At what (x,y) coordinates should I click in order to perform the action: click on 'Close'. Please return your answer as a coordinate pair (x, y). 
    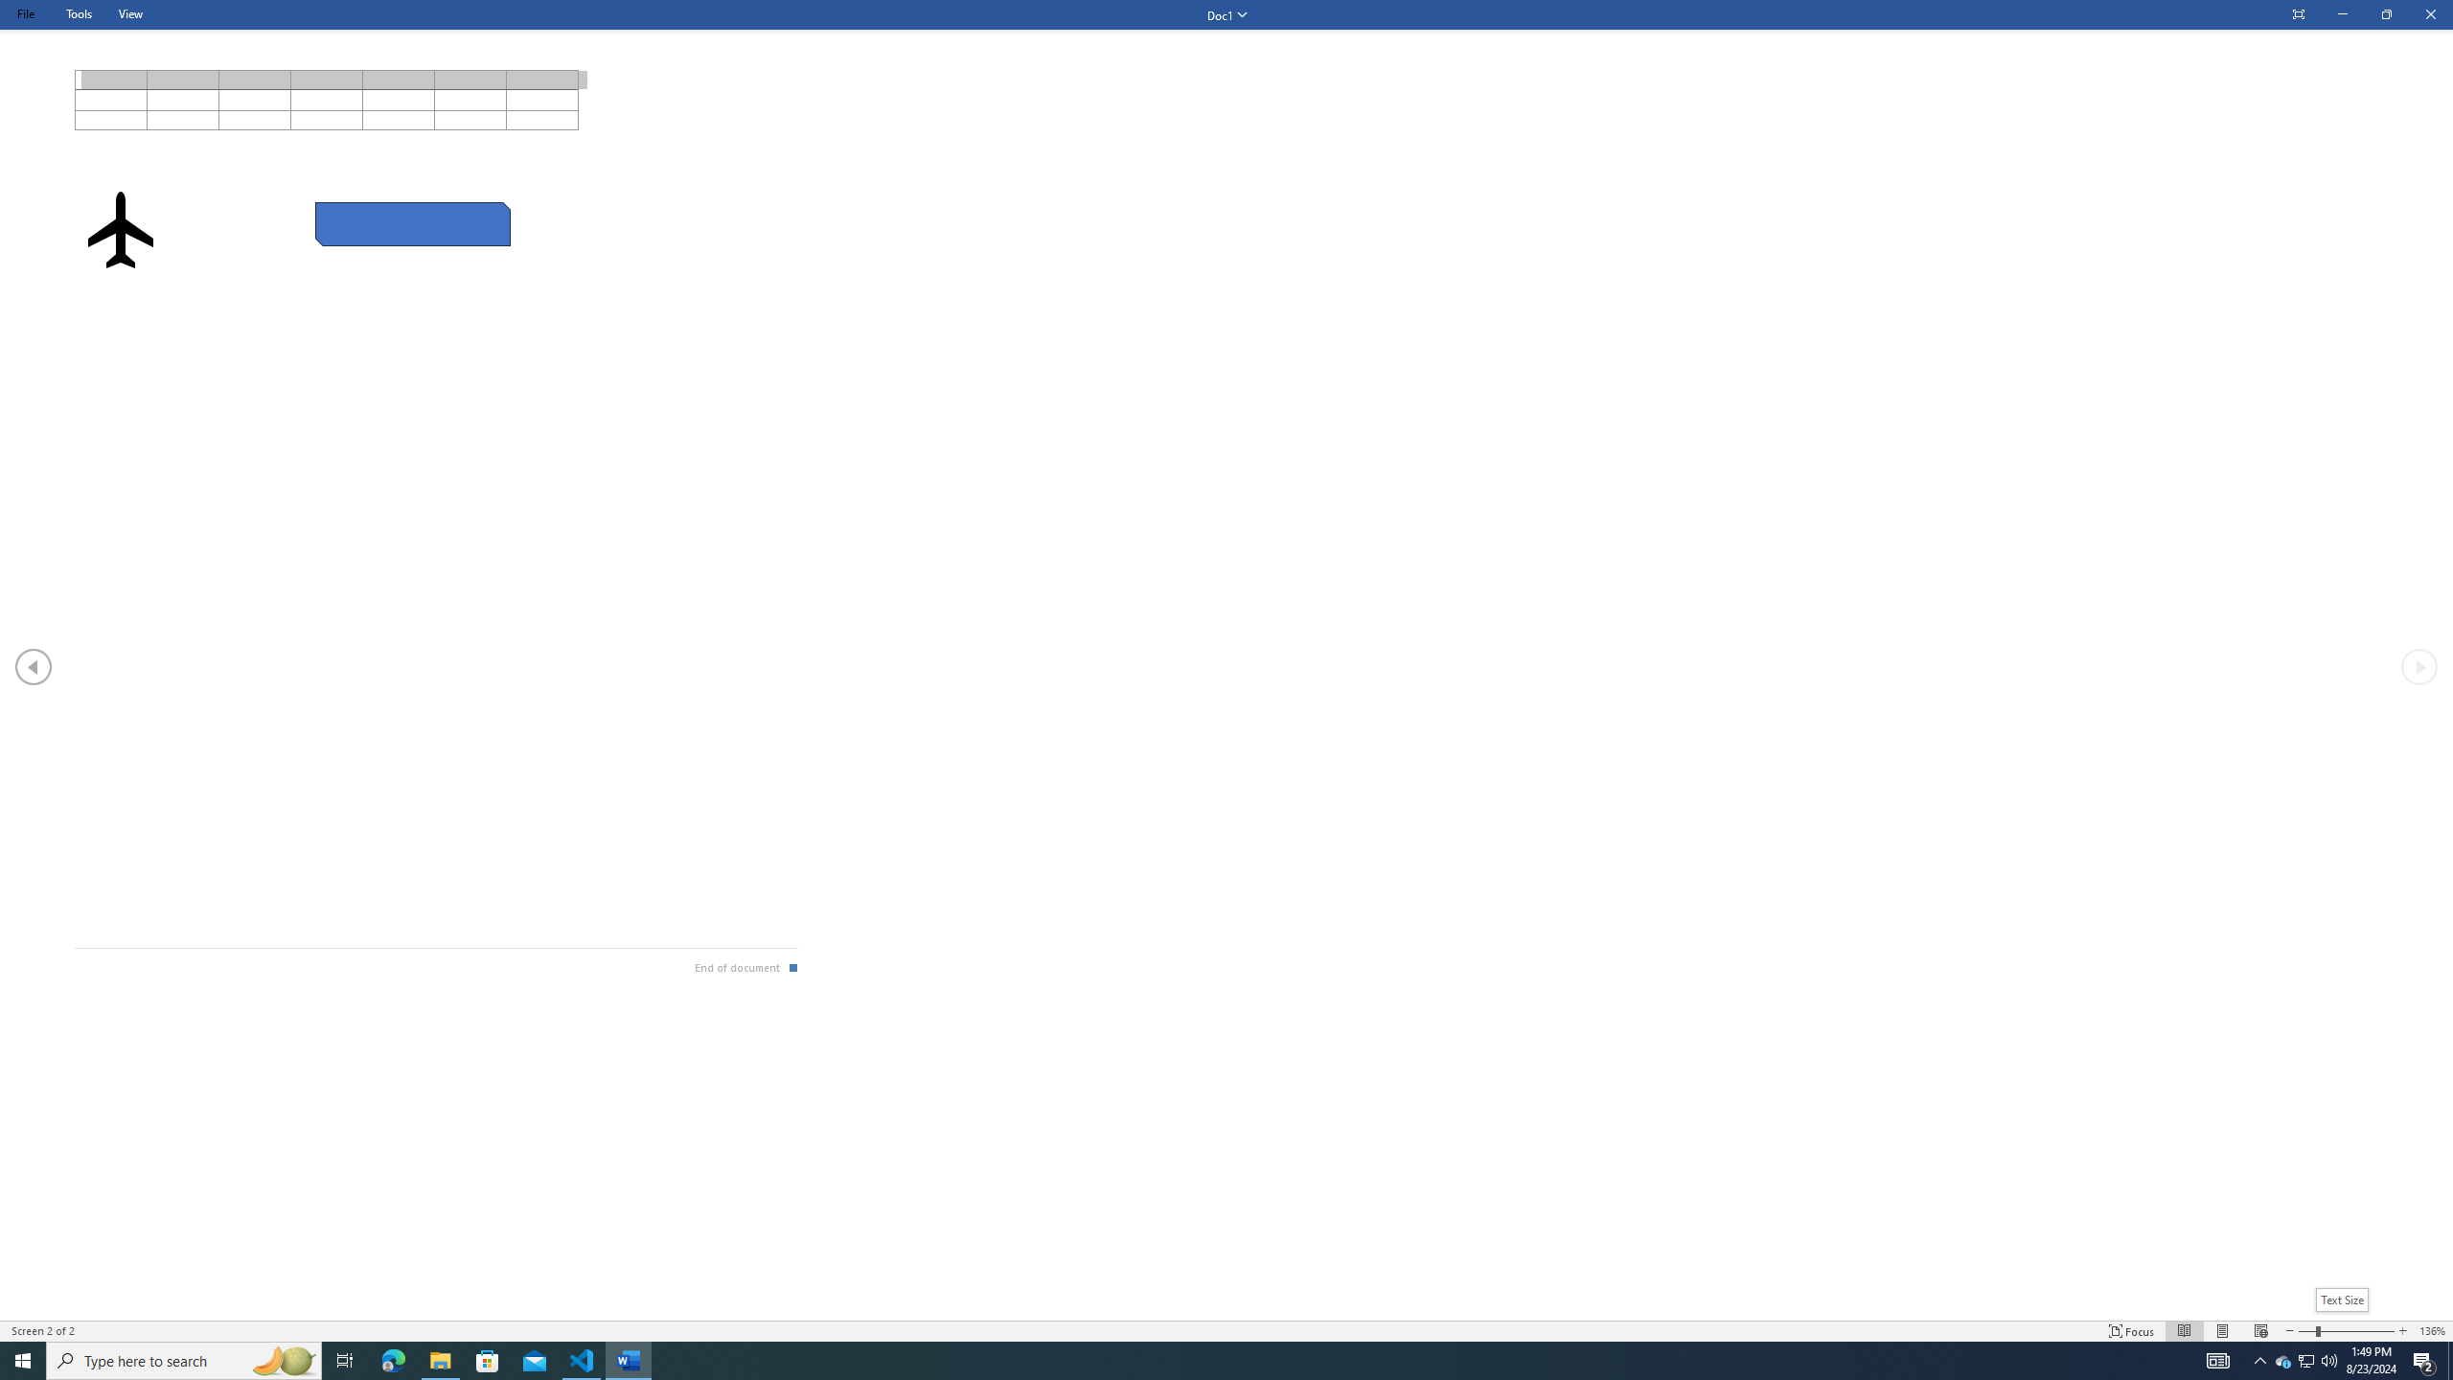
    Looking at the image, I should click on (2429, 14).